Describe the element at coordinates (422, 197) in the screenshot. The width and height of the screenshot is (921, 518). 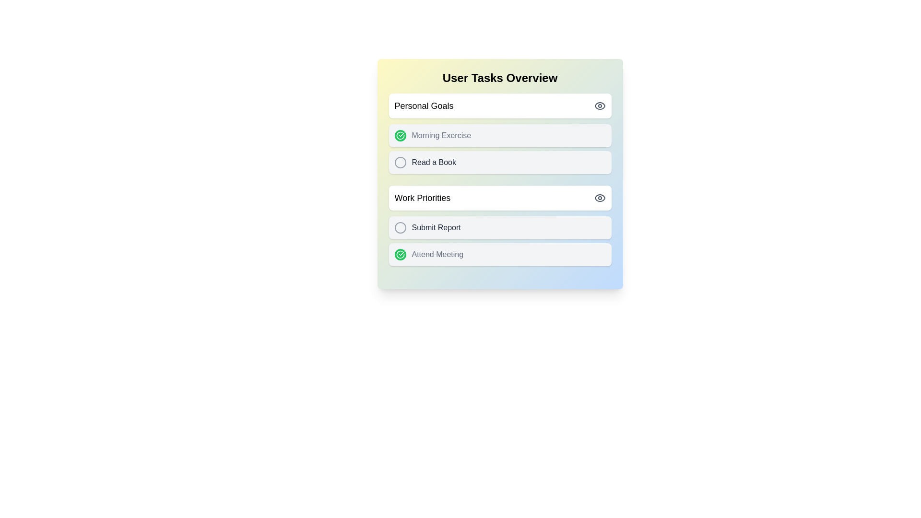
I see `the Text Label that identifies the third task in the 'User Tasks Overview', which is centrally aligned and positioned between 'Read a Book' and 'Submit Report'` at that location.